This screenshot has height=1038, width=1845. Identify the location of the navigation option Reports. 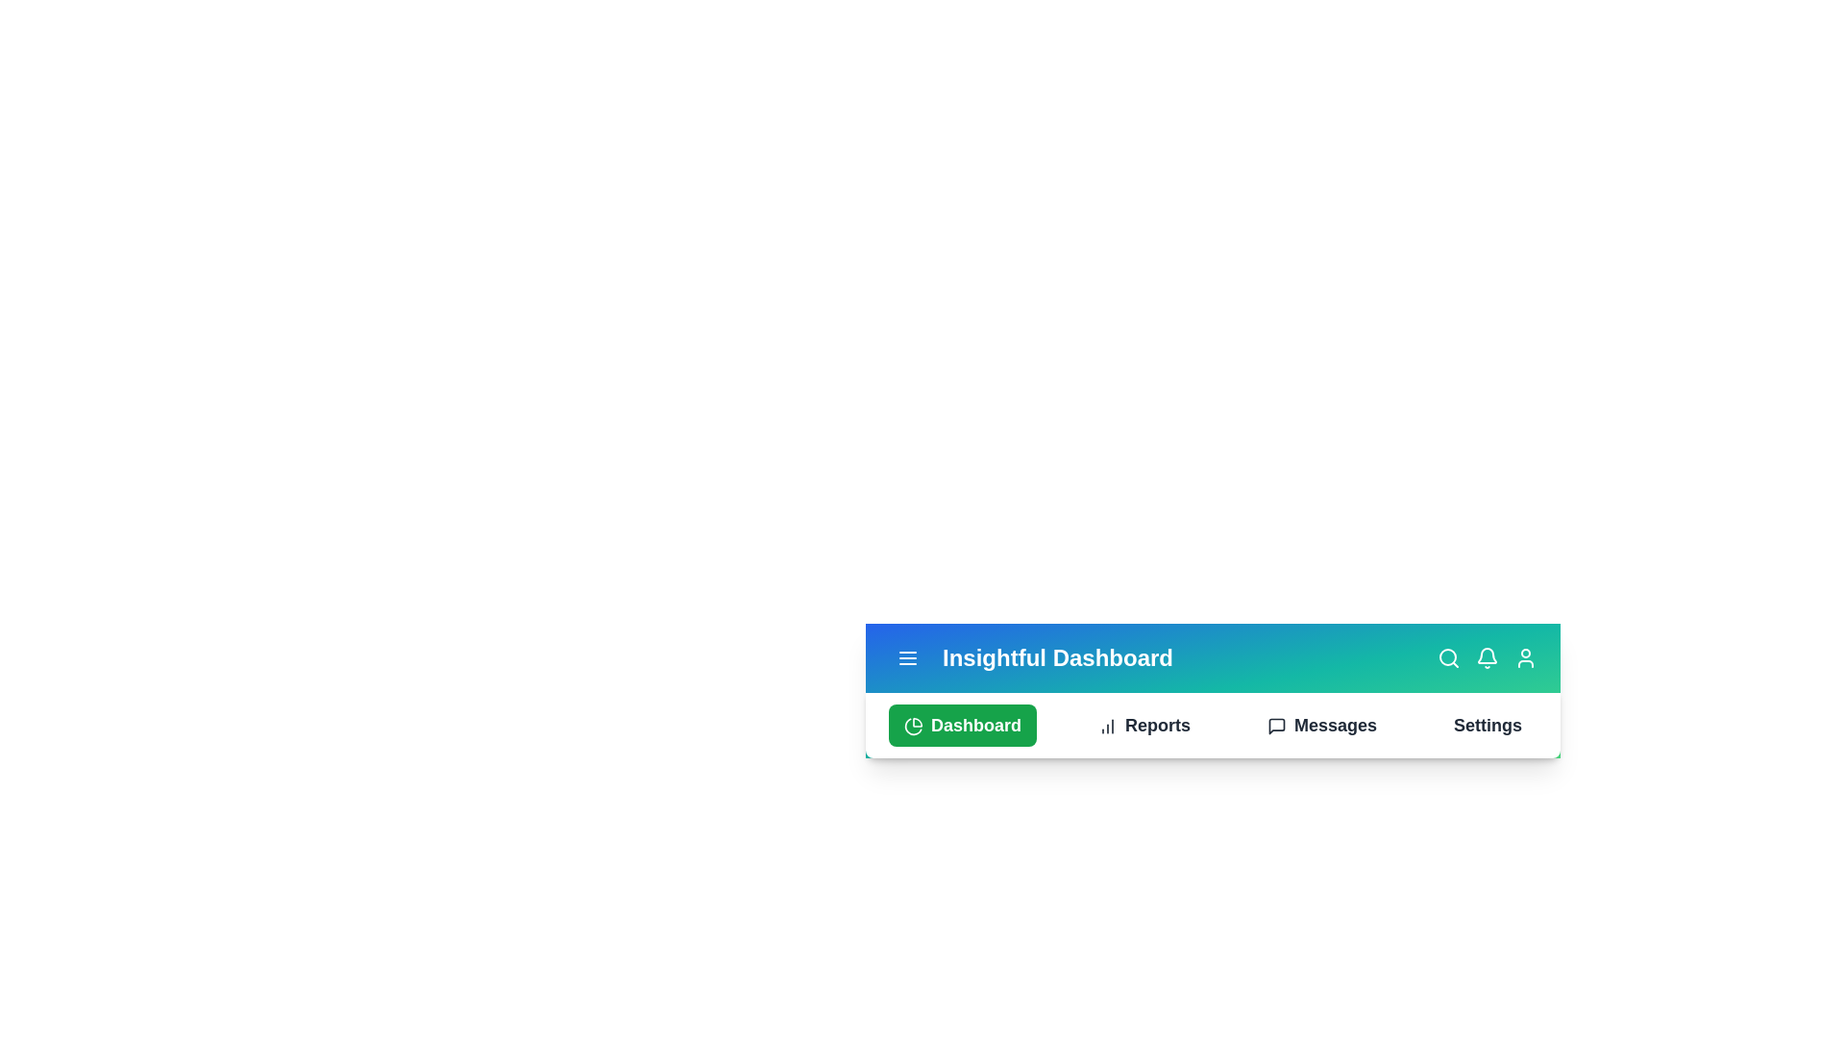
(1144, 726).